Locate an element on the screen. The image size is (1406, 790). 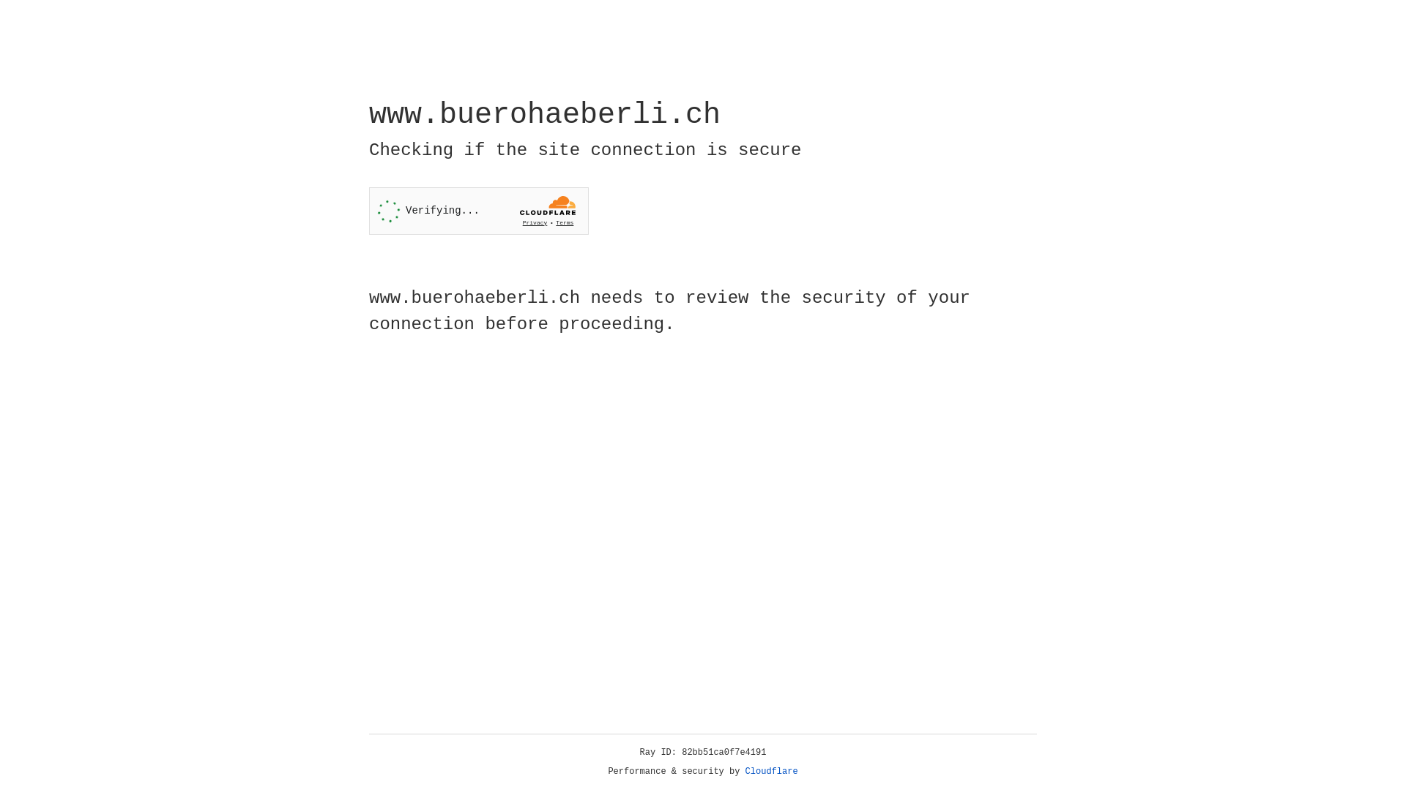
'Cloudflare' is located at coordinates (771, 771).